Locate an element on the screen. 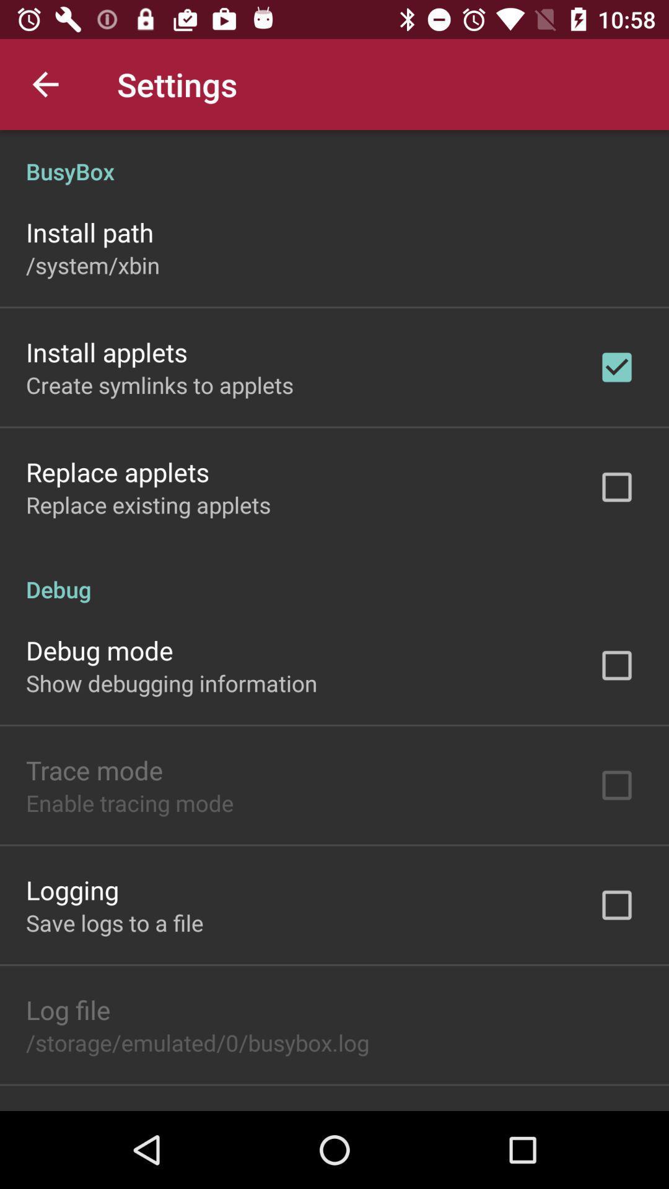  the icon above the storage emulated 0 item is located at coordinates (68, 1009).